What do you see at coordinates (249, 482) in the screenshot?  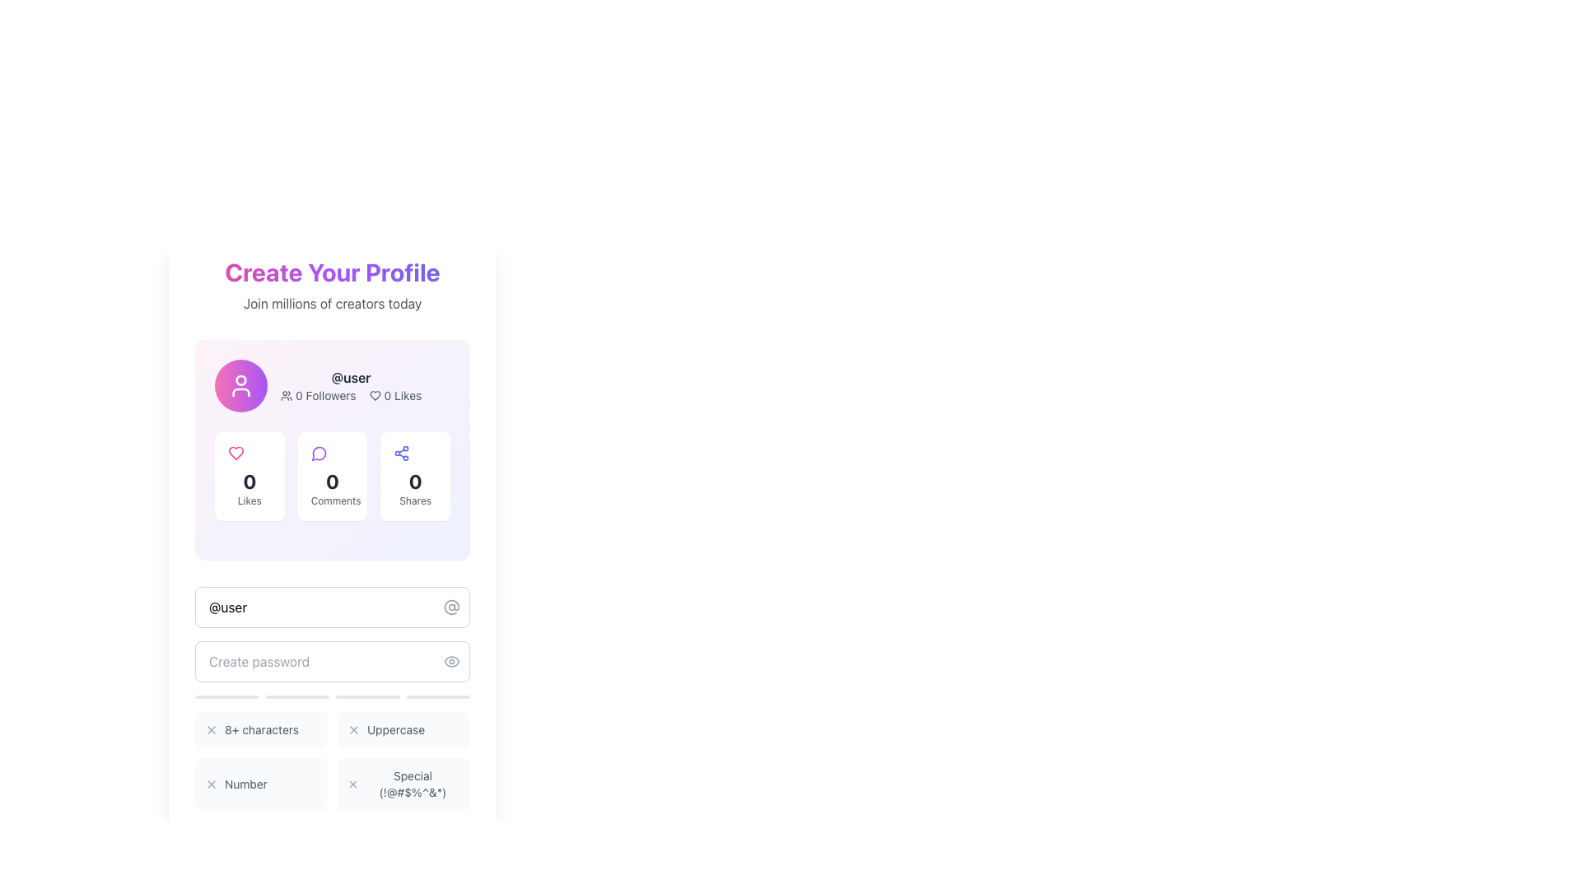 I see `displayed numeral '0' which represents the count of Likes, styled in bold with a large font size, located within the summary card in the user interface` at bounding box center [249, 482].